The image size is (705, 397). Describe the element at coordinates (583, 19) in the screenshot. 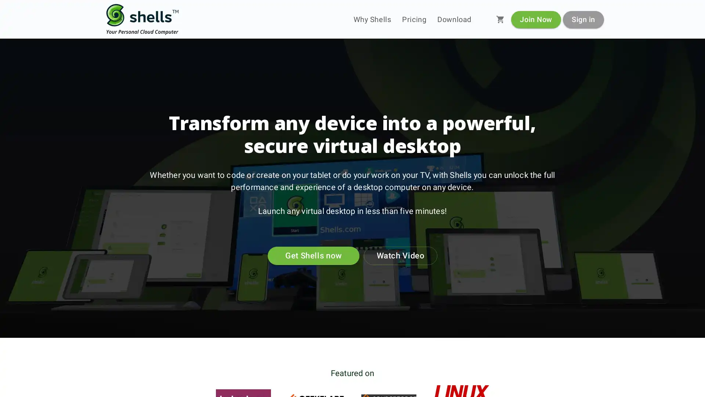

I see `Sign in` at that location.